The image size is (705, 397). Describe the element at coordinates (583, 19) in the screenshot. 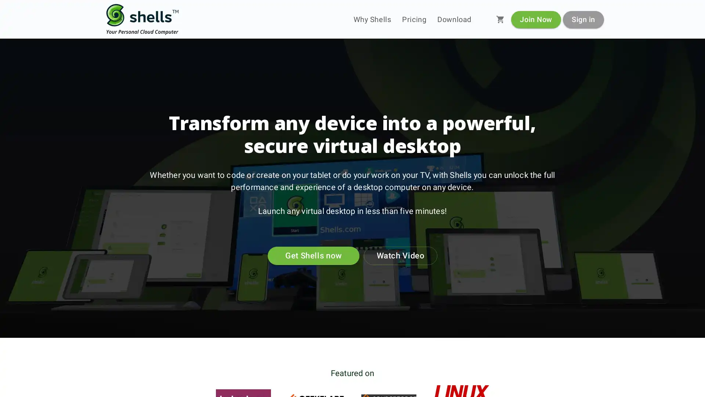

I see `Sign in` at that location.